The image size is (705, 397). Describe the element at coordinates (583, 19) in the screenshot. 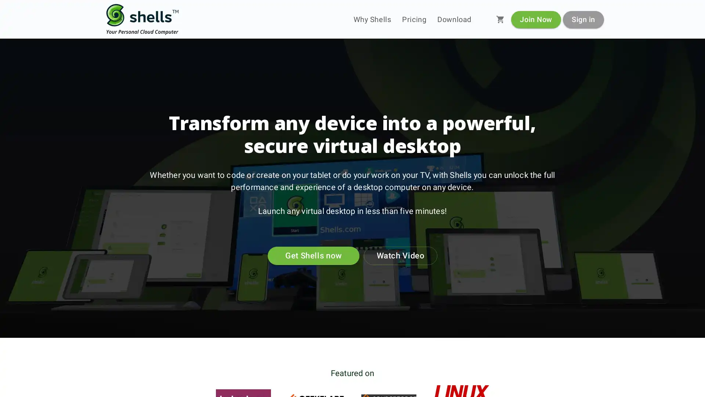

I see `Sign in` at that location.